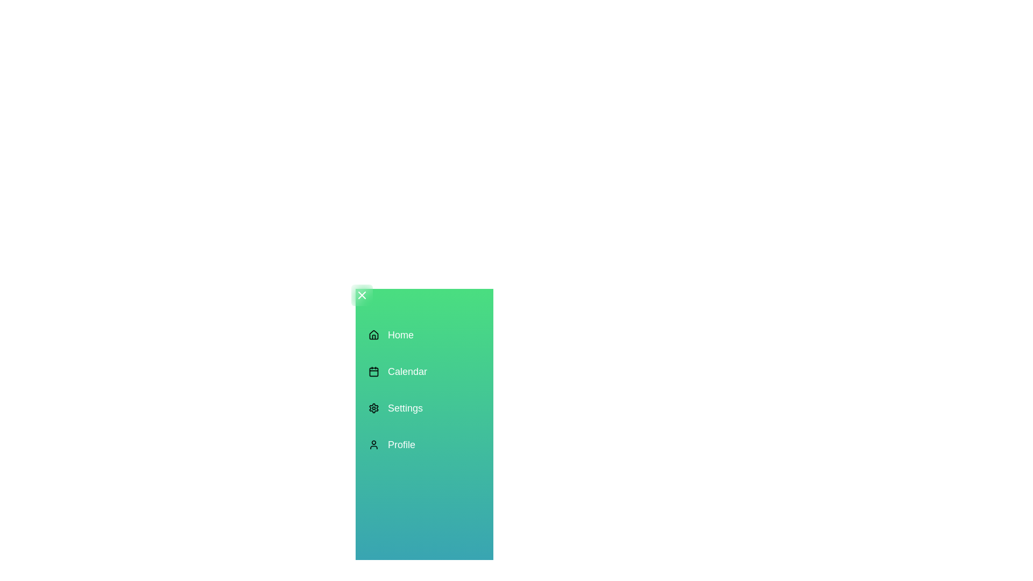  Describe the element at coordinates (397, 444) in the screenshot. I see `the 'Profile' button, which is styled with a user icon and located in the vertical navigation menu below the 'Settings' option` at that location.